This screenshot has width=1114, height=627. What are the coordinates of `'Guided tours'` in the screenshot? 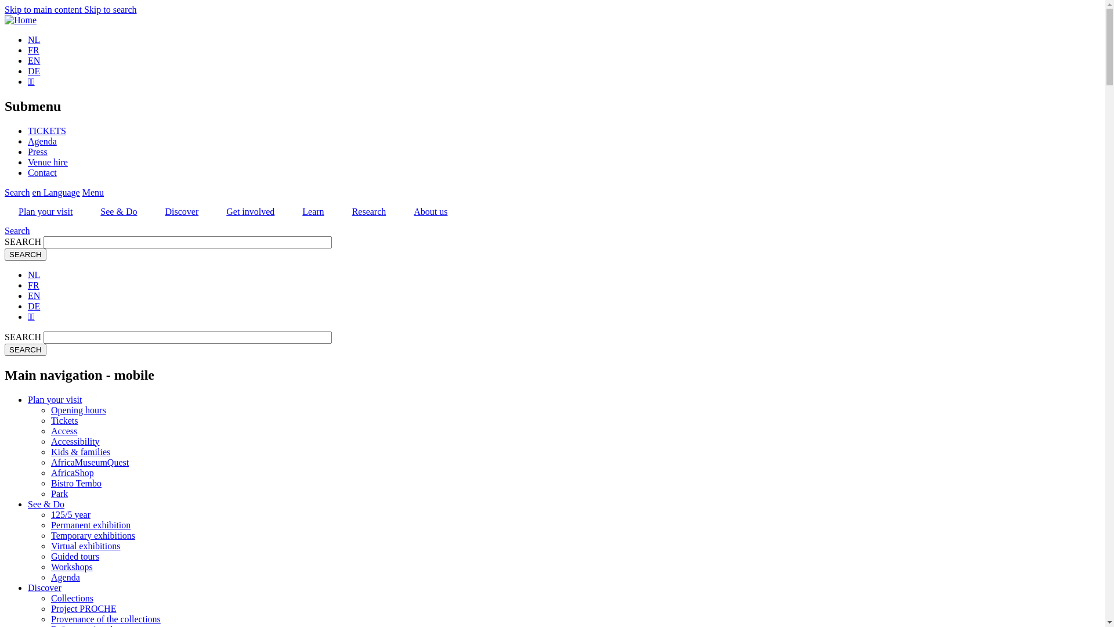 It's located at (50, 556).